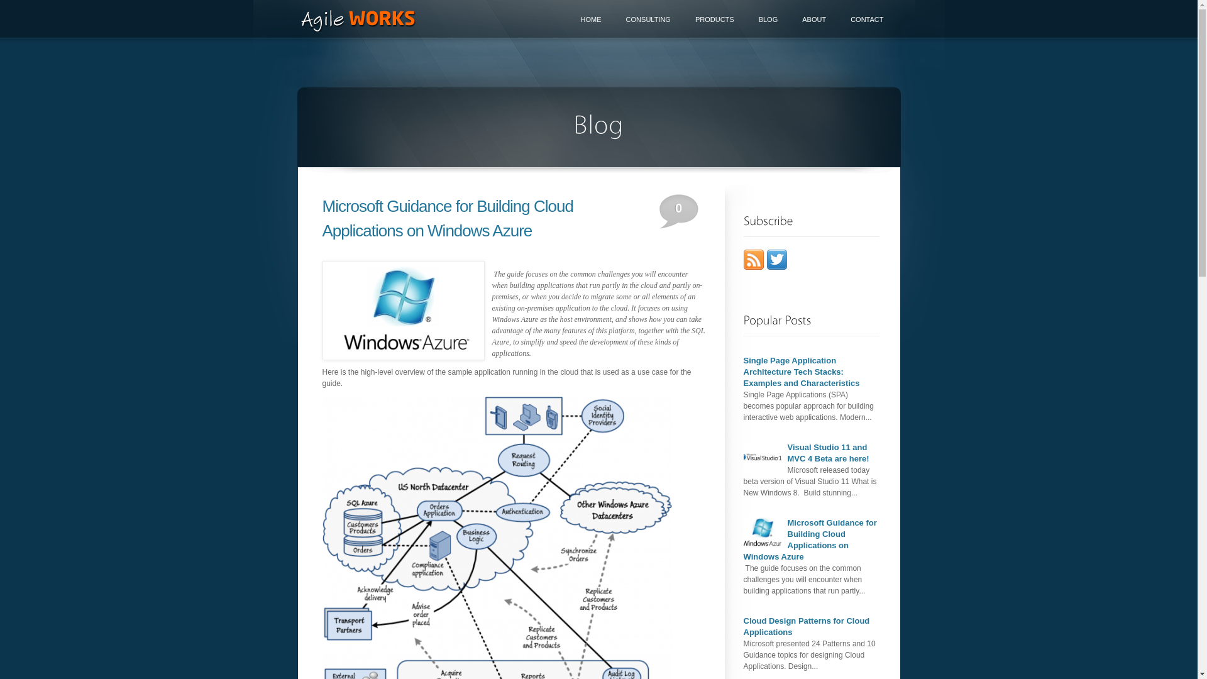  Describe the element at coordinates (776, 266) in the screenshot. I see `'Follow AndriySolovey on Twitter'` at that location.